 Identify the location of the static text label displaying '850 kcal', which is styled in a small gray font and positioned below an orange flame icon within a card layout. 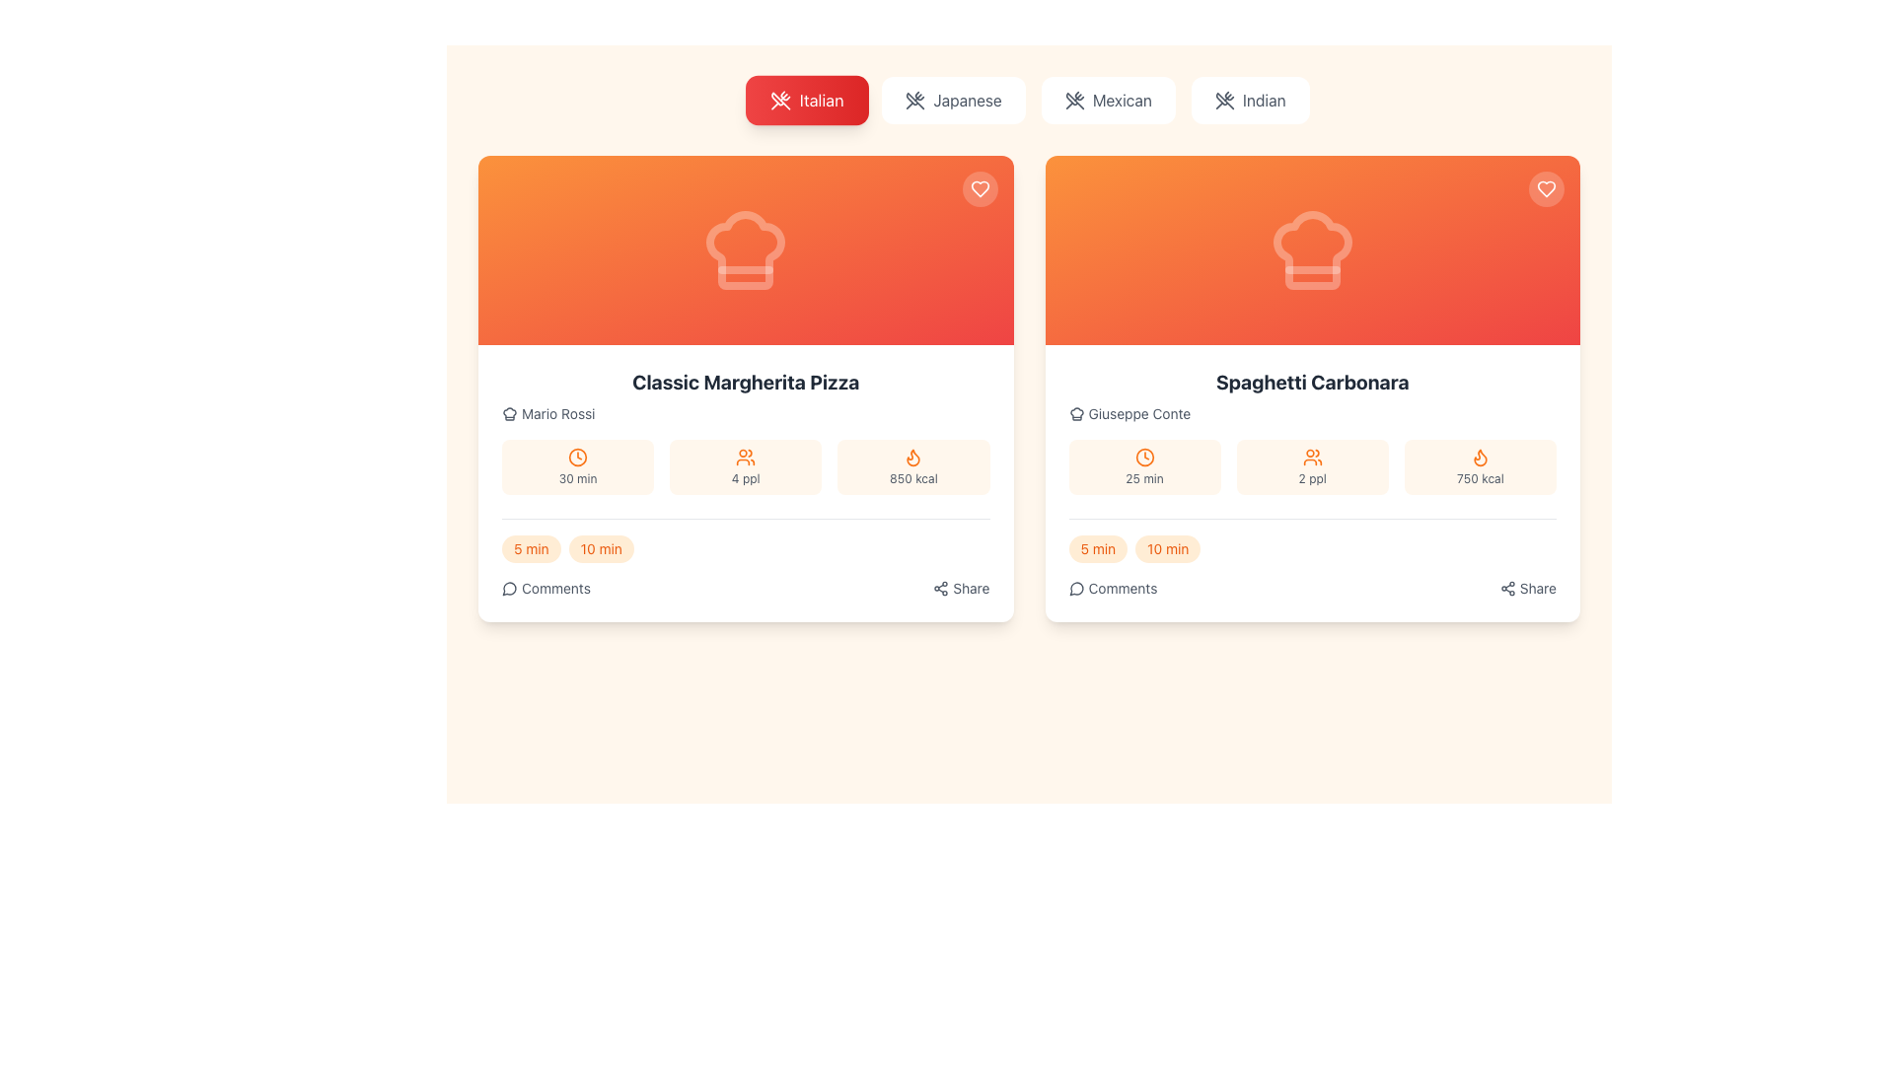
(912, 479).